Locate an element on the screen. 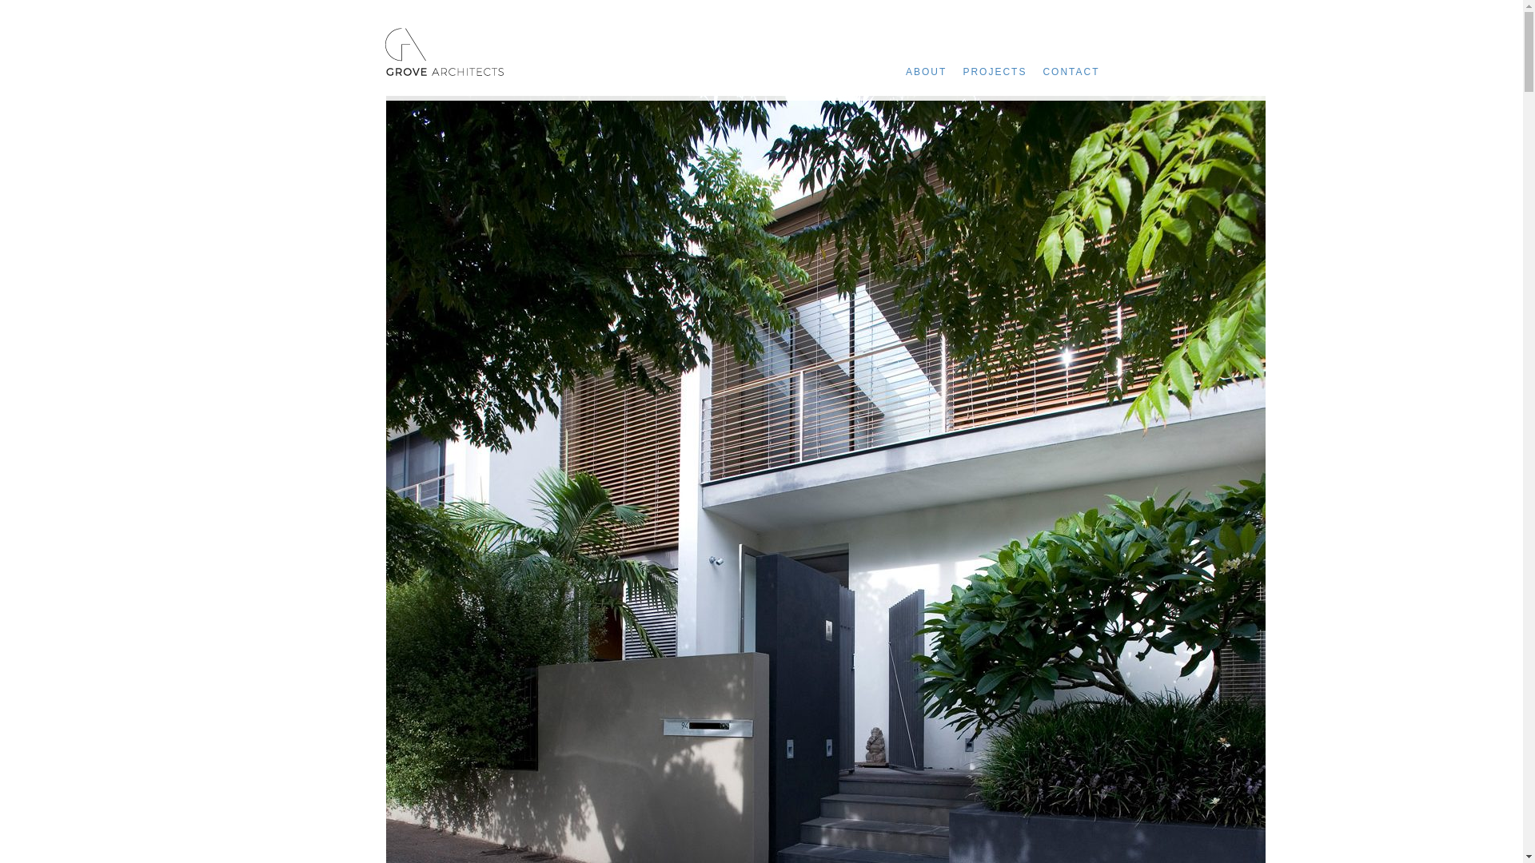  'CONTACT' is located at coordinates (1043, 70).